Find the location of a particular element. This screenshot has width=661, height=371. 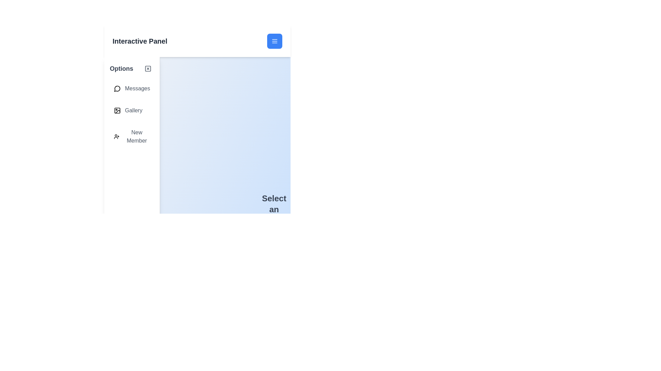

the menu icon button, which is an SVG icon with three parallel horizontal lines located inside a blue rounded rectangle in the top-right corner of the interface is located at coordinates (274, 41).